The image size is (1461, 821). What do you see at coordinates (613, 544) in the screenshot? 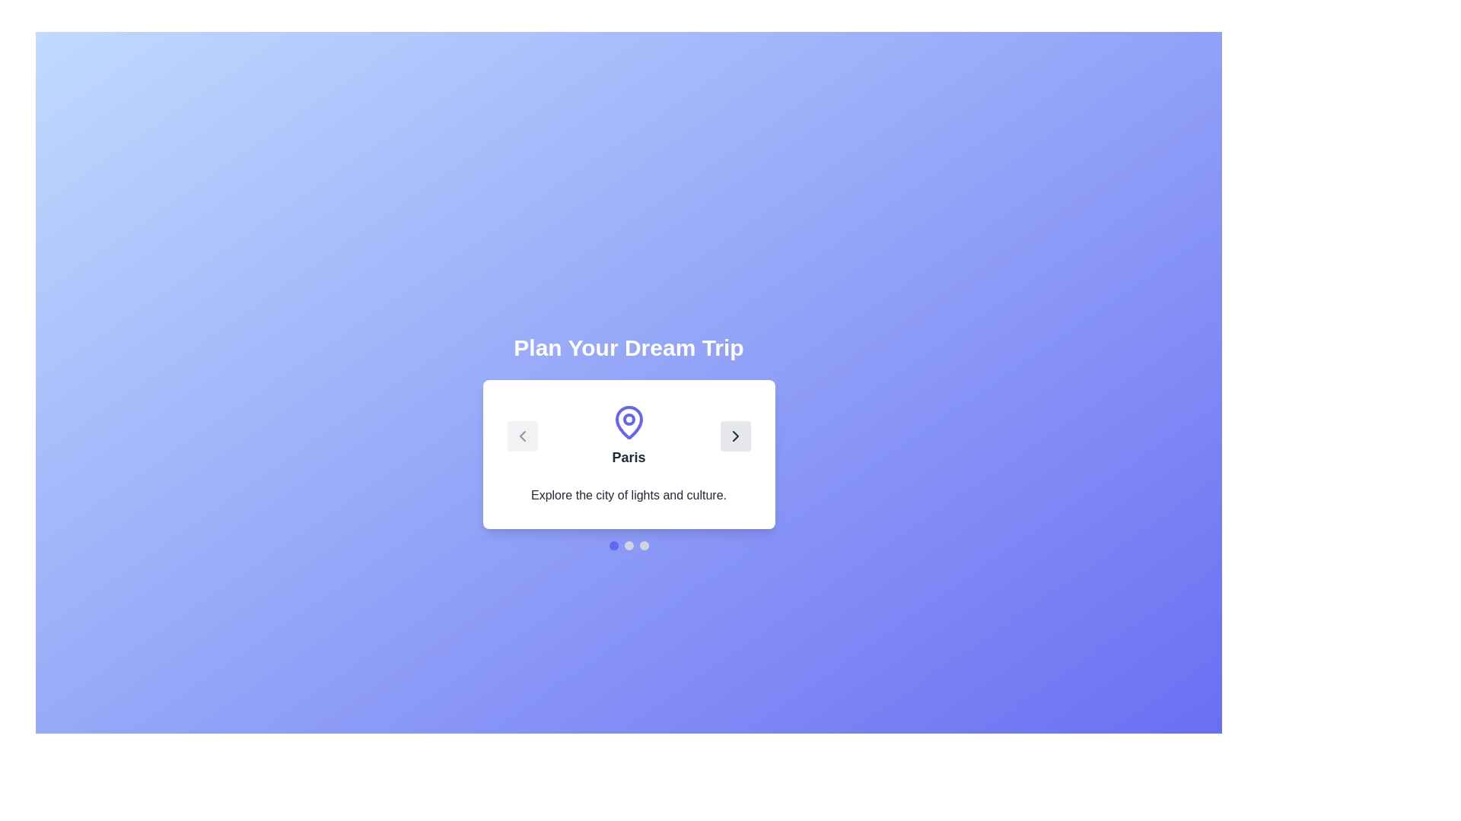
I see `the indicator corresponding to the destination Paris` at bounding box center [613, 544].